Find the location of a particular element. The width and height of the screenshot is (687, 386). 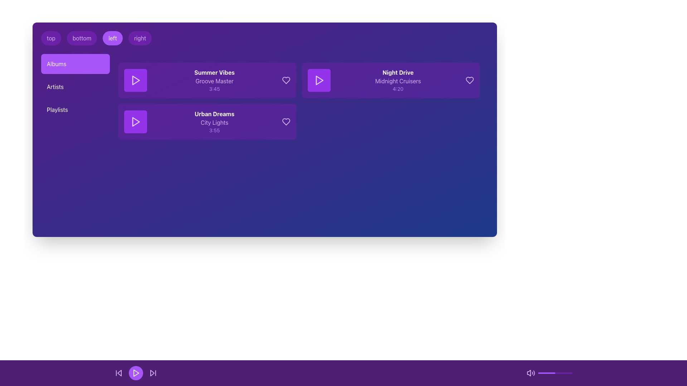

the 'Albums' button located at the top of the left-aligned column is located at coordinates (75, 63).